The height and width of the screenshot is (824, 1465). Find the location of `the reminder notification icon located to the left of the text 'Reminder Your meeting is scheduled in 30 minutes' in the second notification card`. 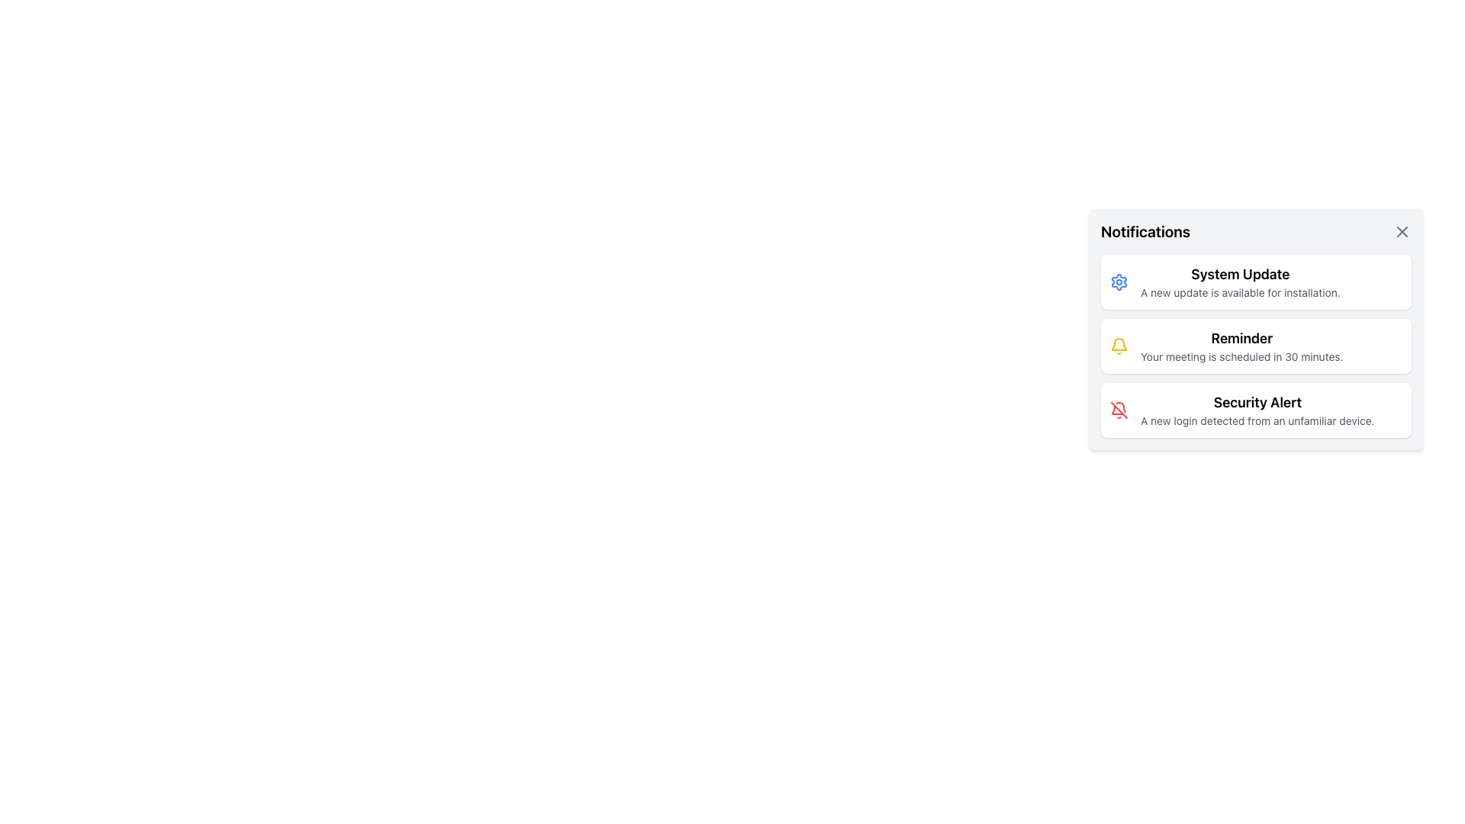

the reminder notification icon located to the left of the text 'Reminder Your meeting is scheduled in 30 minutes' in the second notification card is located at coordinates (1119, 346).